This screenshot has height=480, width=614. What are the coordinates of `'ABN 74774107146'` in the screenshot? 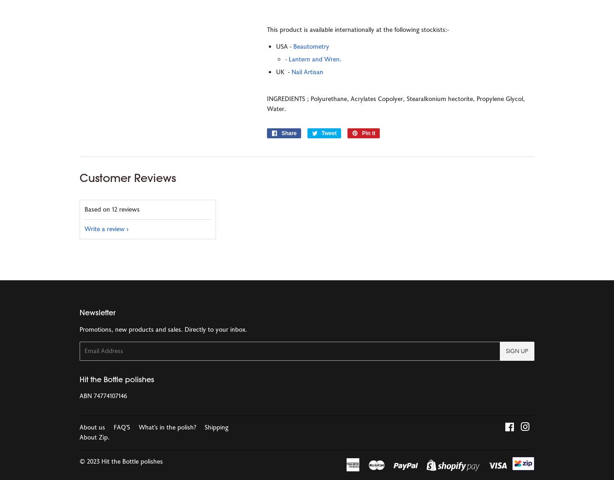 It's located at (102, 396).